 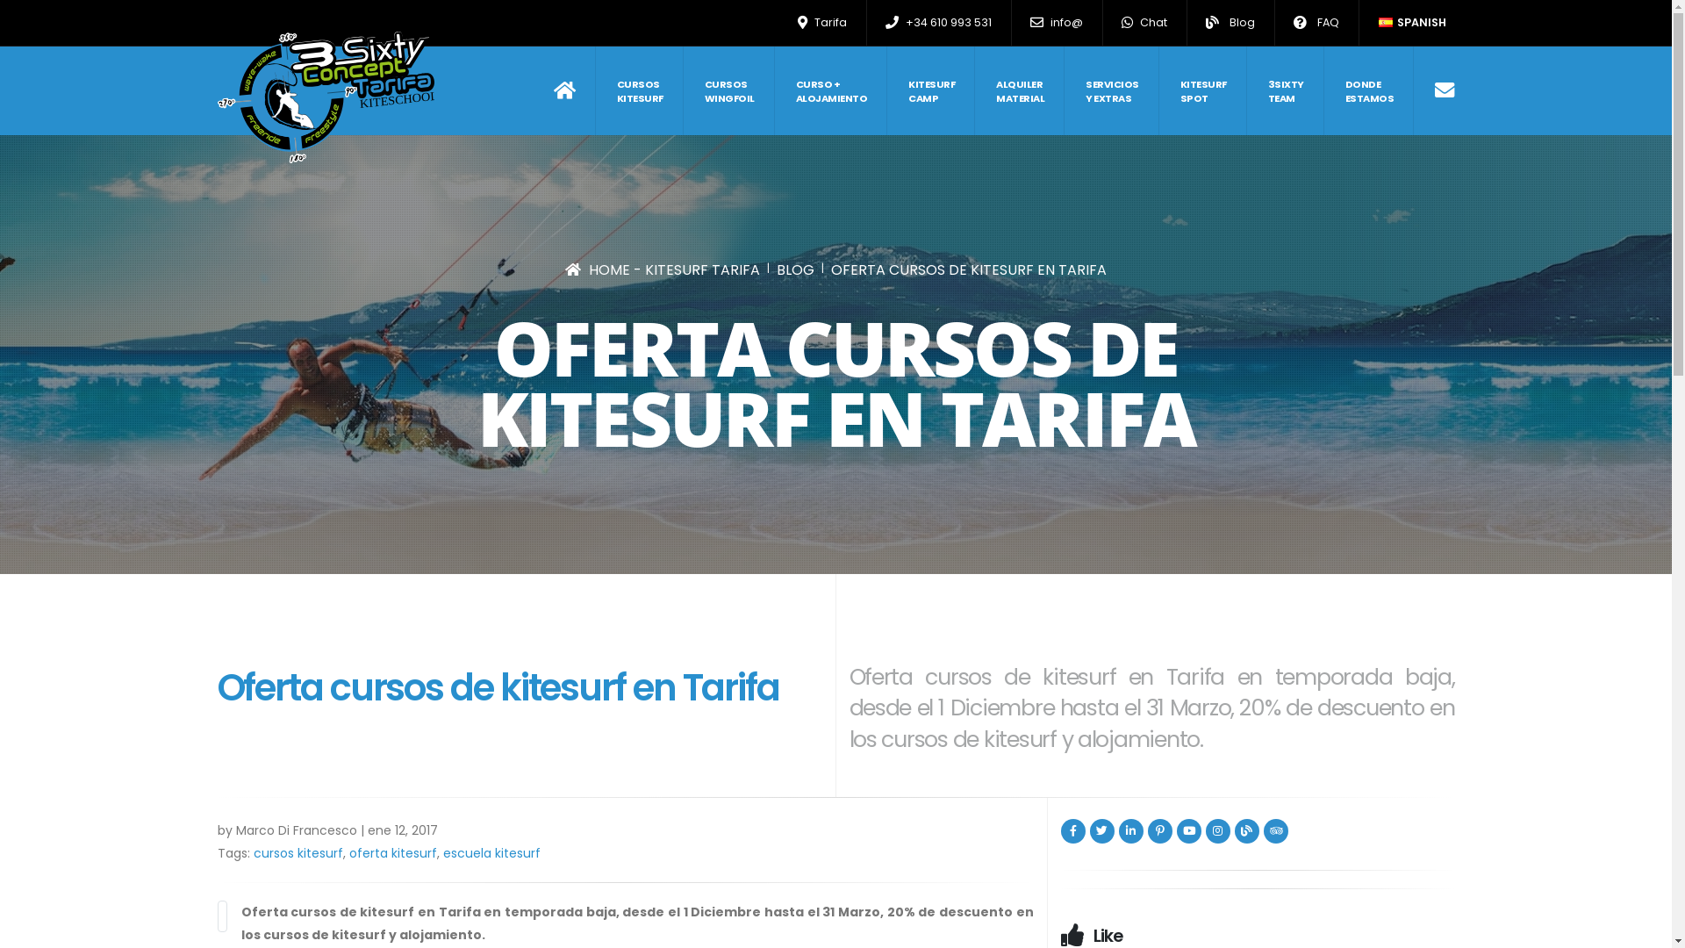 What do you see at coordinates (1020, 90) in the screenshot?
I see `'ALQUILER MATERIAL'` at bounding box center [1020, 90].